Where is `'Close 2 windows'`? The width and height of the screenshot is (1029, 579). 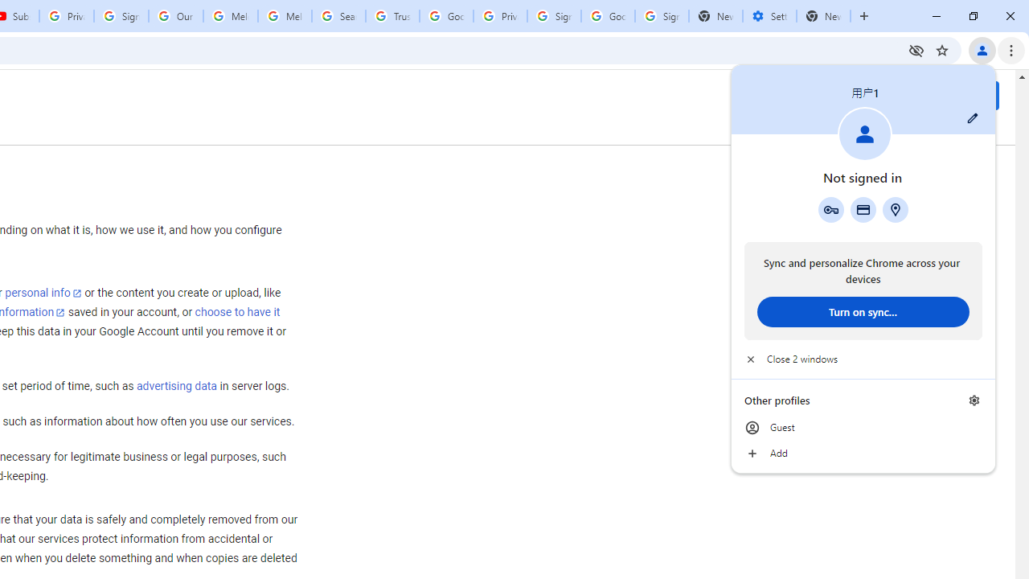 'Close 2 windows' is located at coordinates (862, 359).